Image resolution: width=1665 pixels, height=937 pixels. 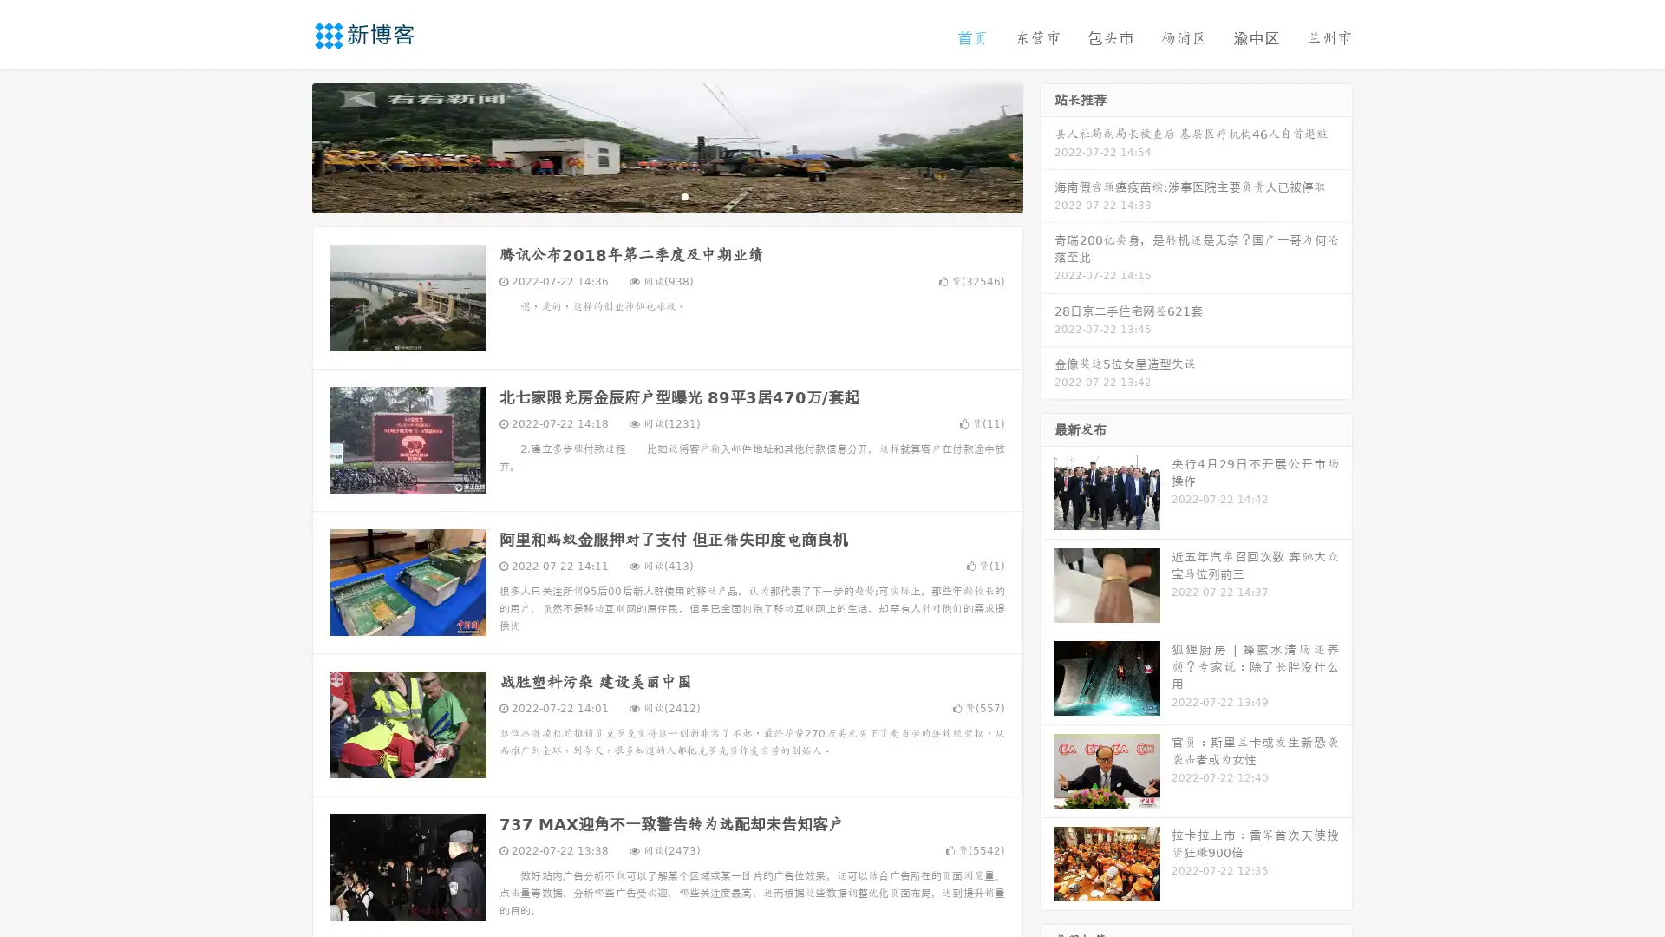 I want to click on Next slide, so click(x=1048, y=146).